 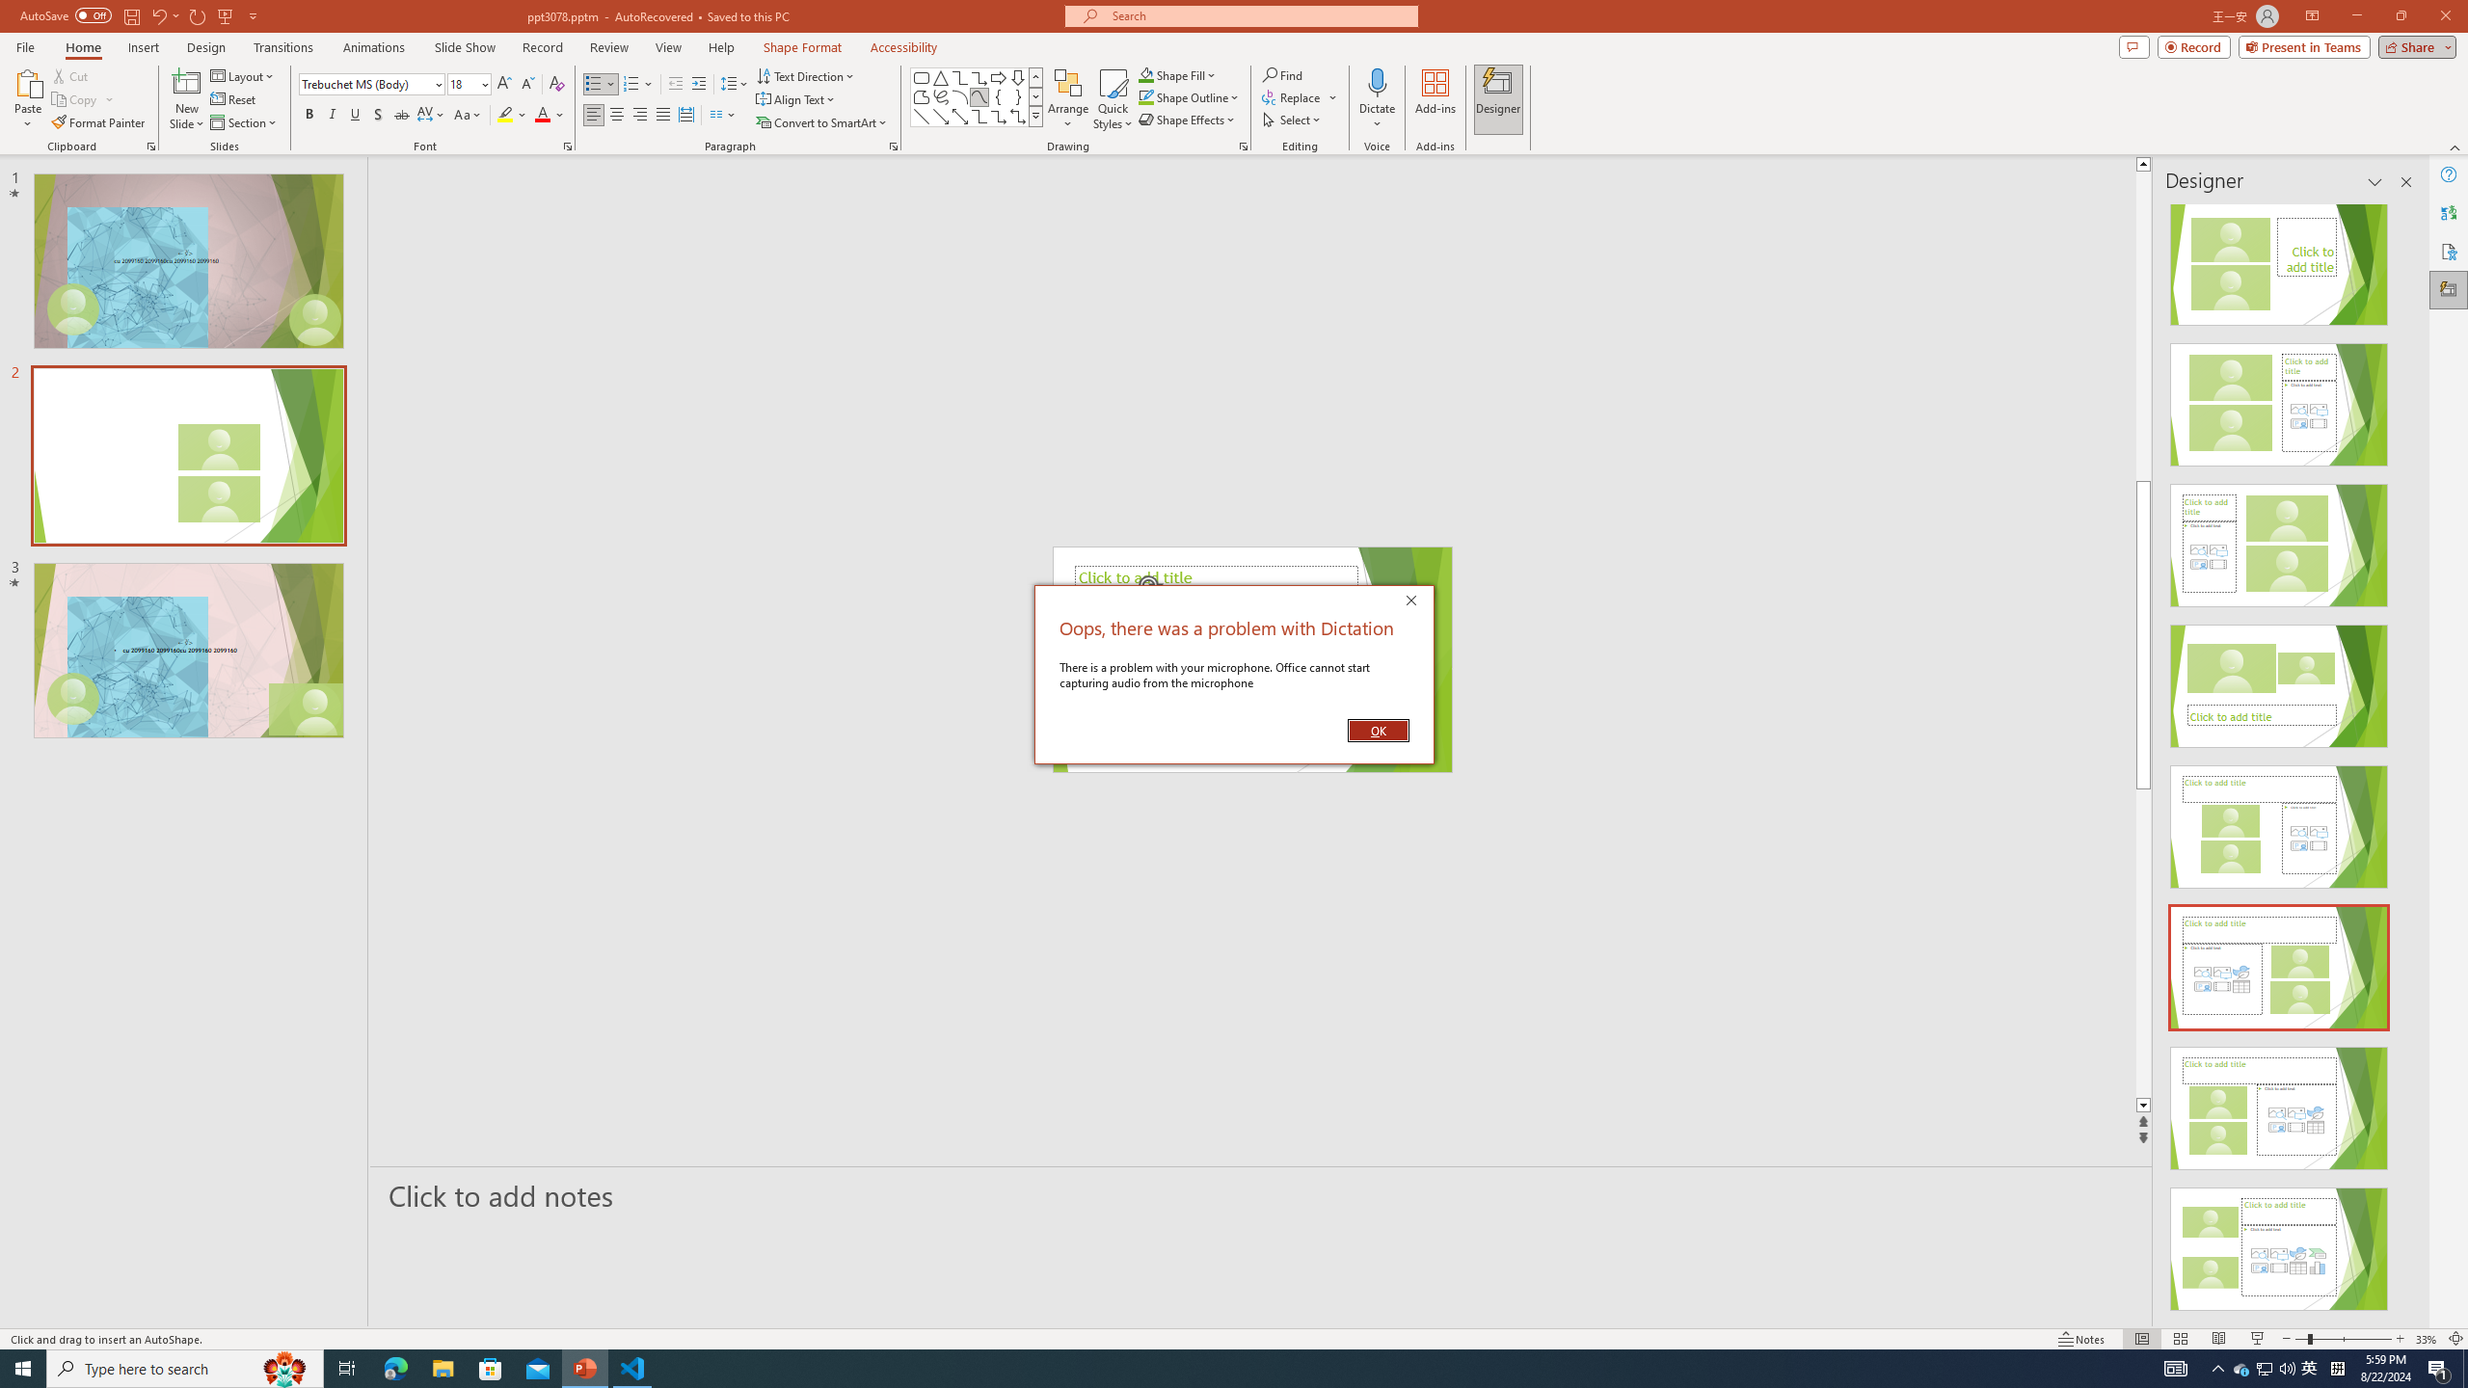 What do you see at coordinates (1377, 731) in the screenshot?
I see `'OK'` at bounding box center [1377, 731].